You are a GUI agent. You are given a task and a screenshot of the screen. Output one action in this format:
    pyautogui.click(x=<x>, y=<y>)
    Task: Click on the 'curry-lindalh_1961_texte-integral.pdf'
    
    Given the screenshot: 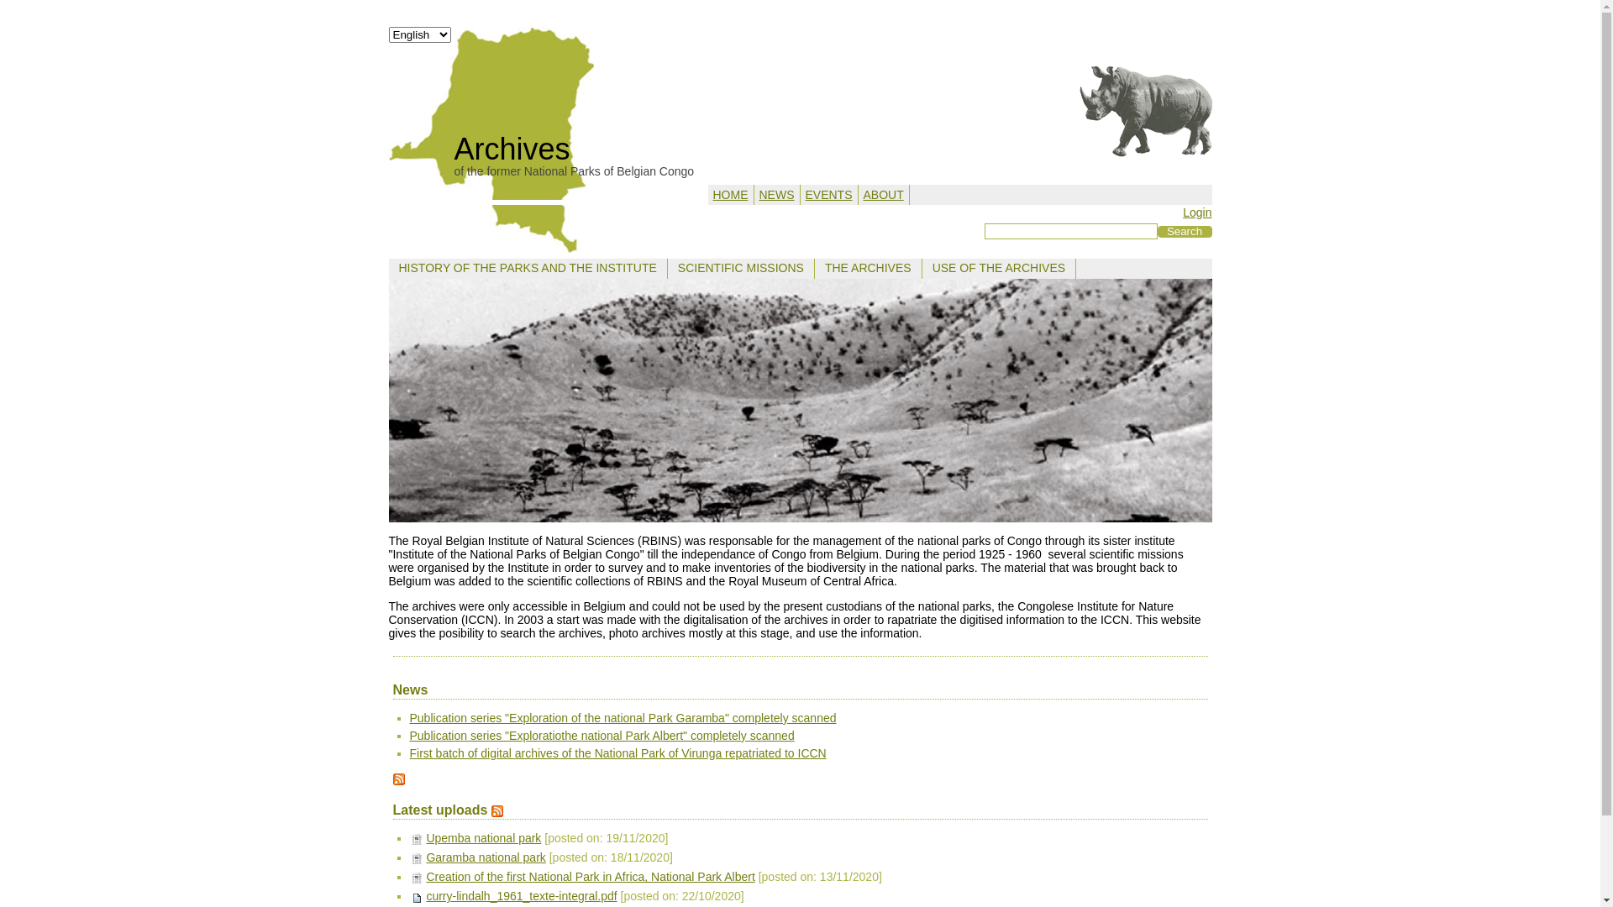 What is the action you would take?
    pyautogui.click(x=520, y=895)
    